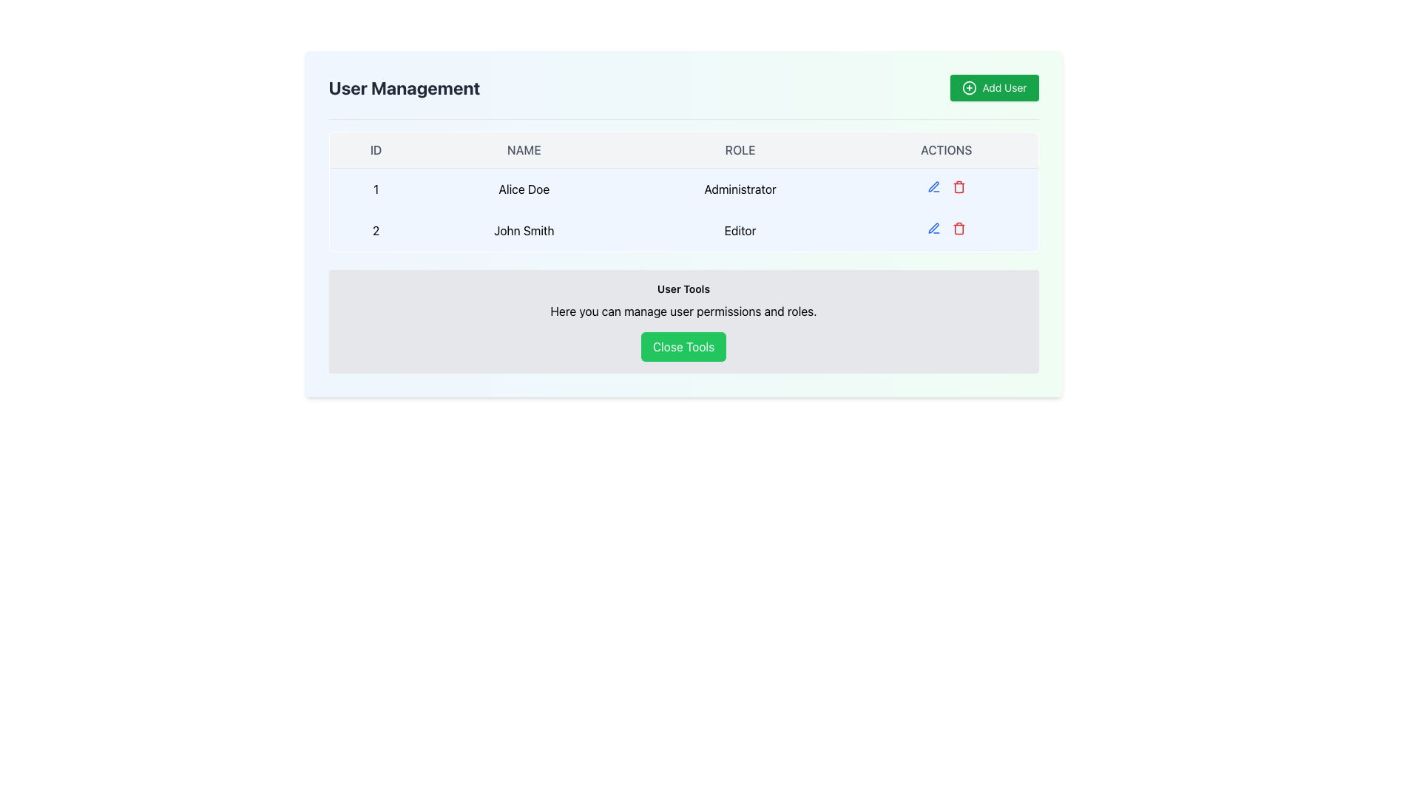 This screenshot has height=799, width=1420. Describe the element at coordinates (376, 150) in the screenshot. I see `the text label indicating user IDs, which is the first column header in the table, located at the top-left corner preceding the headers 'Name,' 'Role,' and 'Actions.'` at that location.